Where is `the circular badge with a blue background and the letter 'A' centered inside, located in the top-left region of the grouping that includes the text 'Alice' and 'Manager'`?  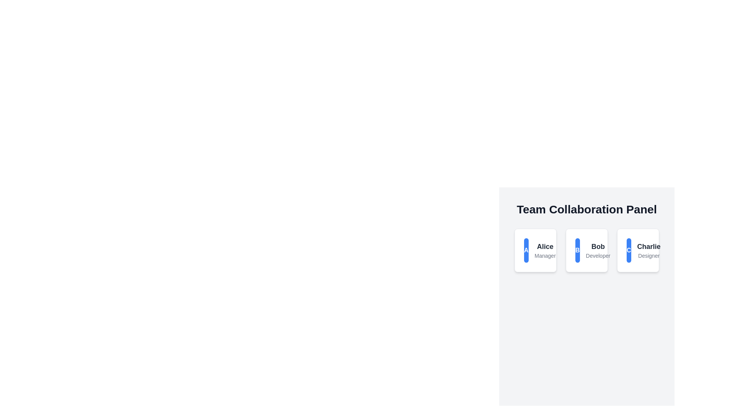 the circular badge with a blue background and the letter 'A' centered inside, located in the top-left region of the grouping that includes the text 'Alice' and 'Manager' is located at coordinates (526, 250).